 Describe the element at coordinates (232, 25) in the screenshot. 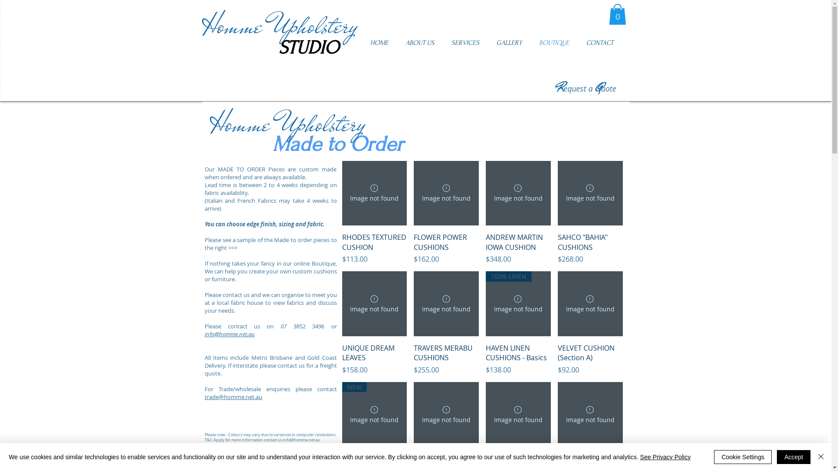

I see `'Homme'` at that location.